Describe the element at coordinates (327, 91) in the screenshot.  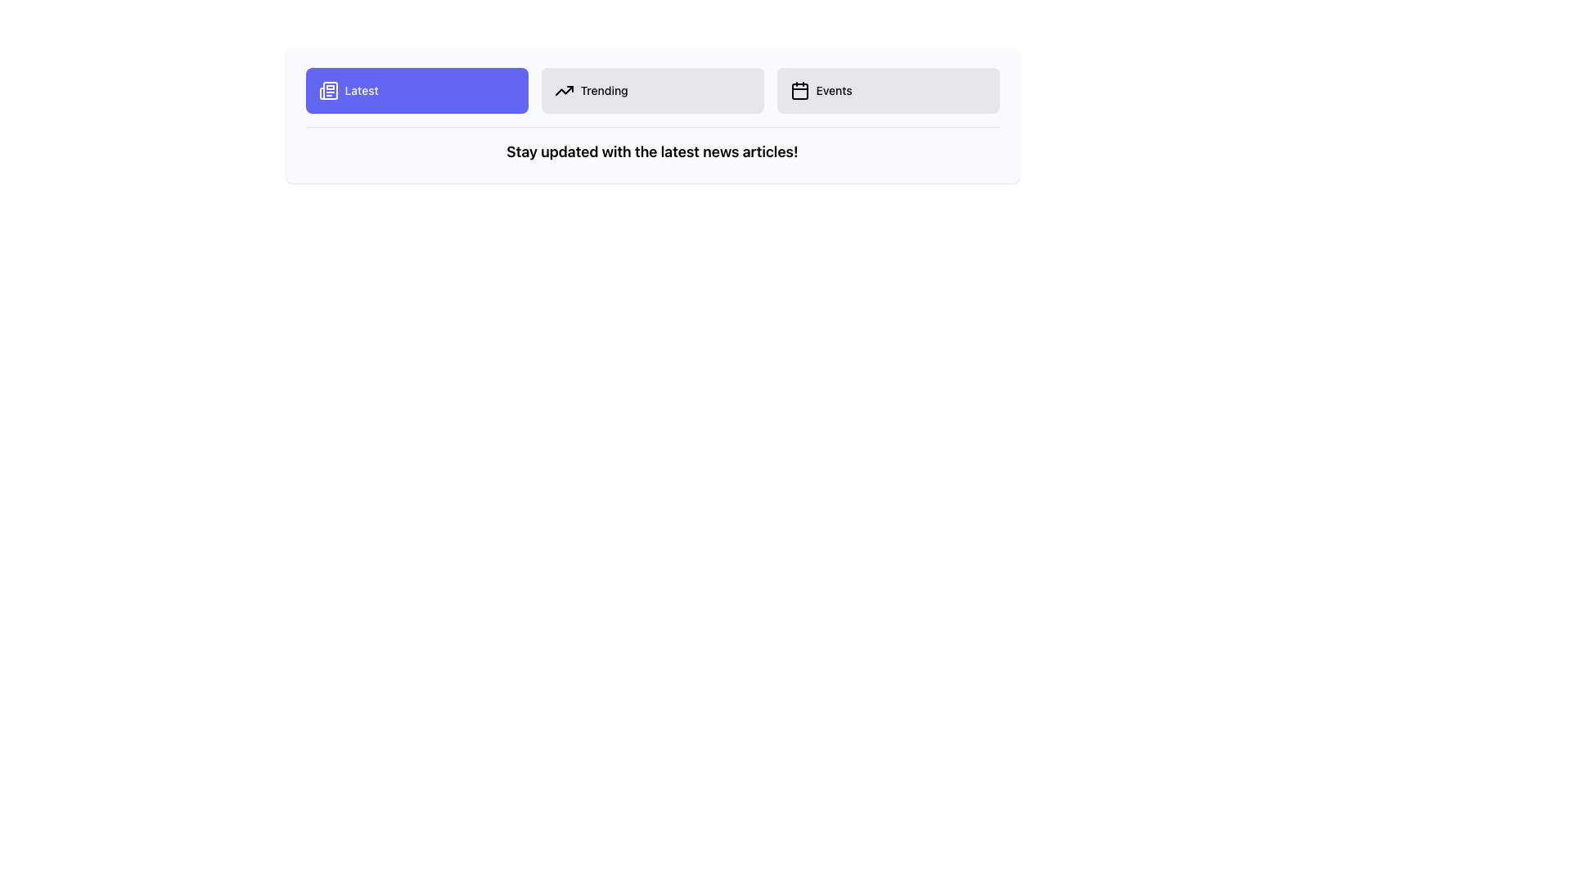
I see `the 'Latest' button which contains a newspaper icon on the left side` at that location.